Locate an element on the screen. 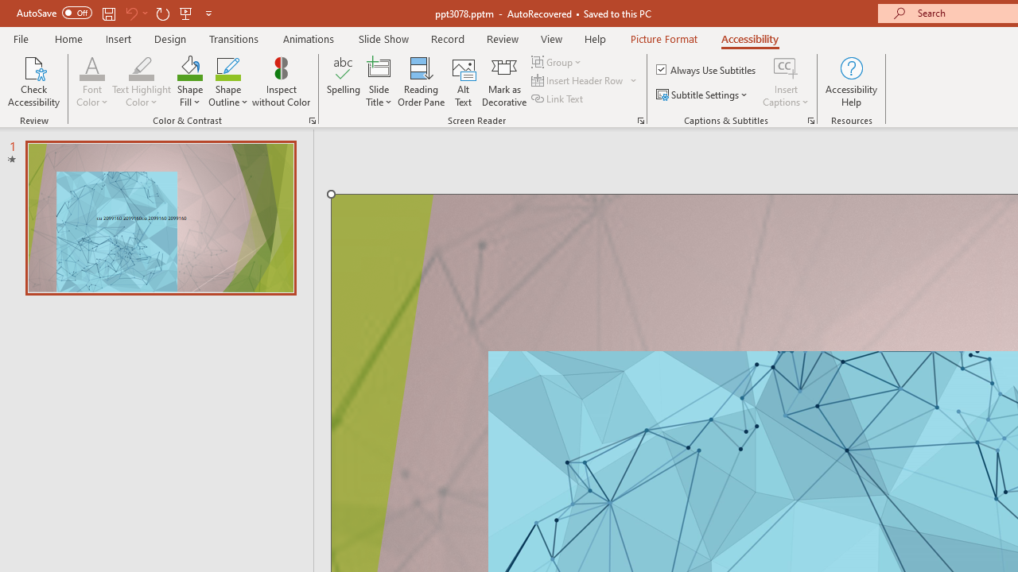  'Mark as Decorative' is located at coordinates (503, 82).